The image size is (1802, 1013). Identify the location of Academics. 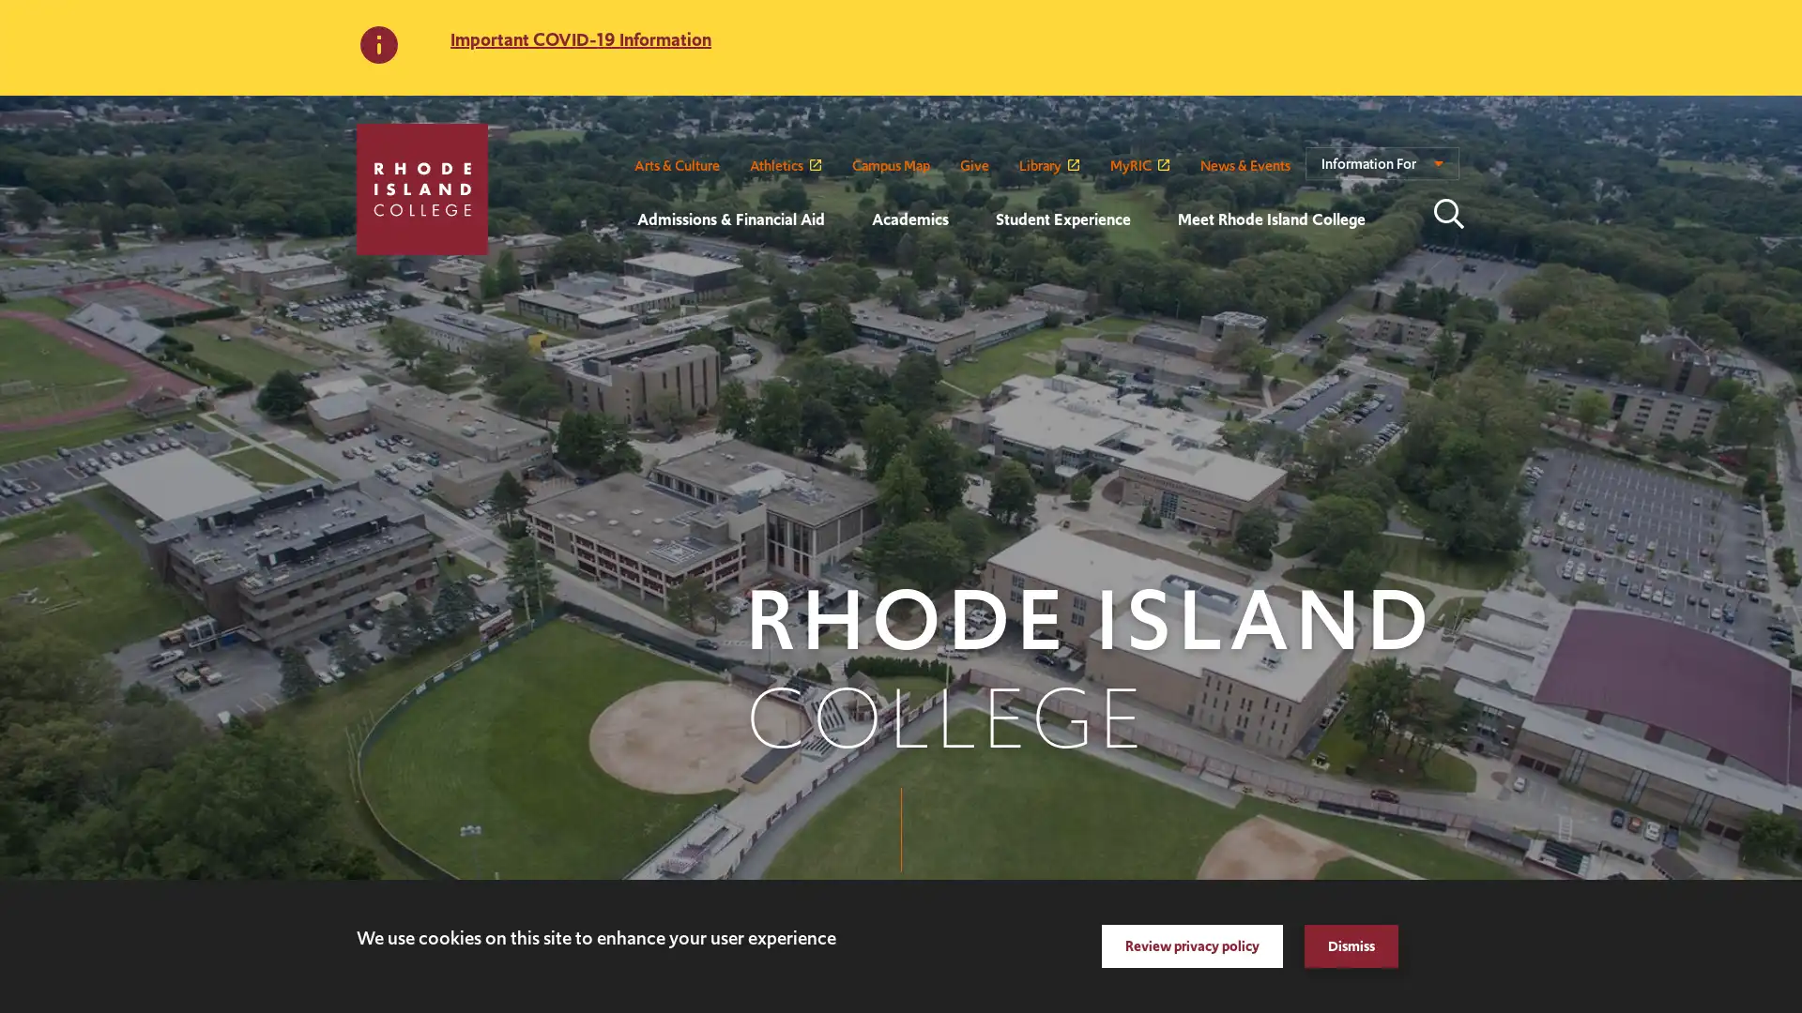
(847, 270).